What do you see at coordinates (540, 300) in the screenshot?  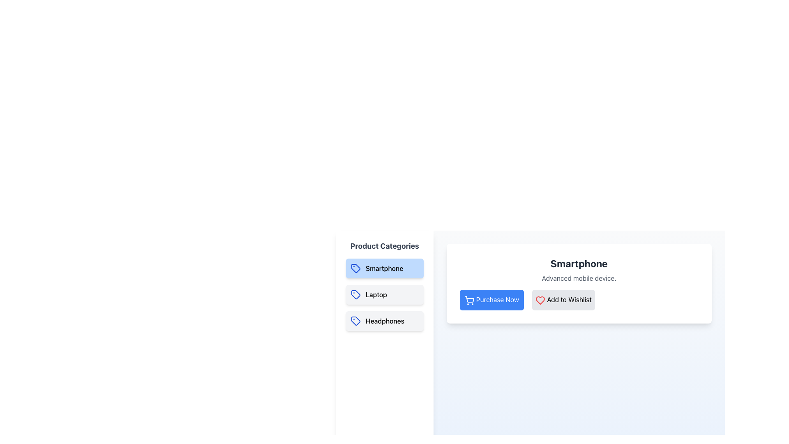 I see `the heart-shaped icon of the 'Add to Wishlist' button` at bounding box center [540, 300].